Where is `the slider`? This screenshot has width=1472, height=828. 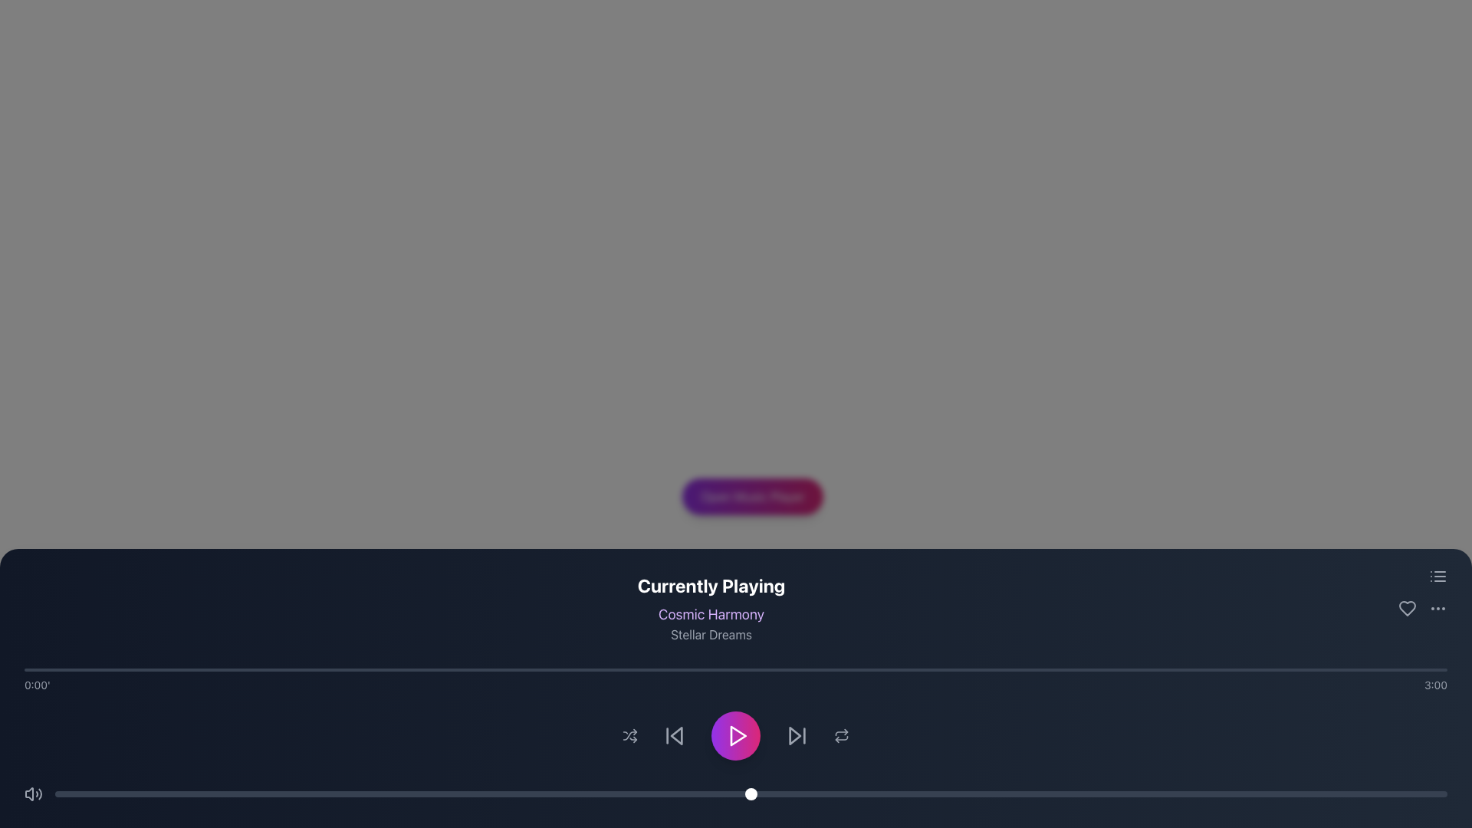
the slider is located at coordinates (1070, 793).